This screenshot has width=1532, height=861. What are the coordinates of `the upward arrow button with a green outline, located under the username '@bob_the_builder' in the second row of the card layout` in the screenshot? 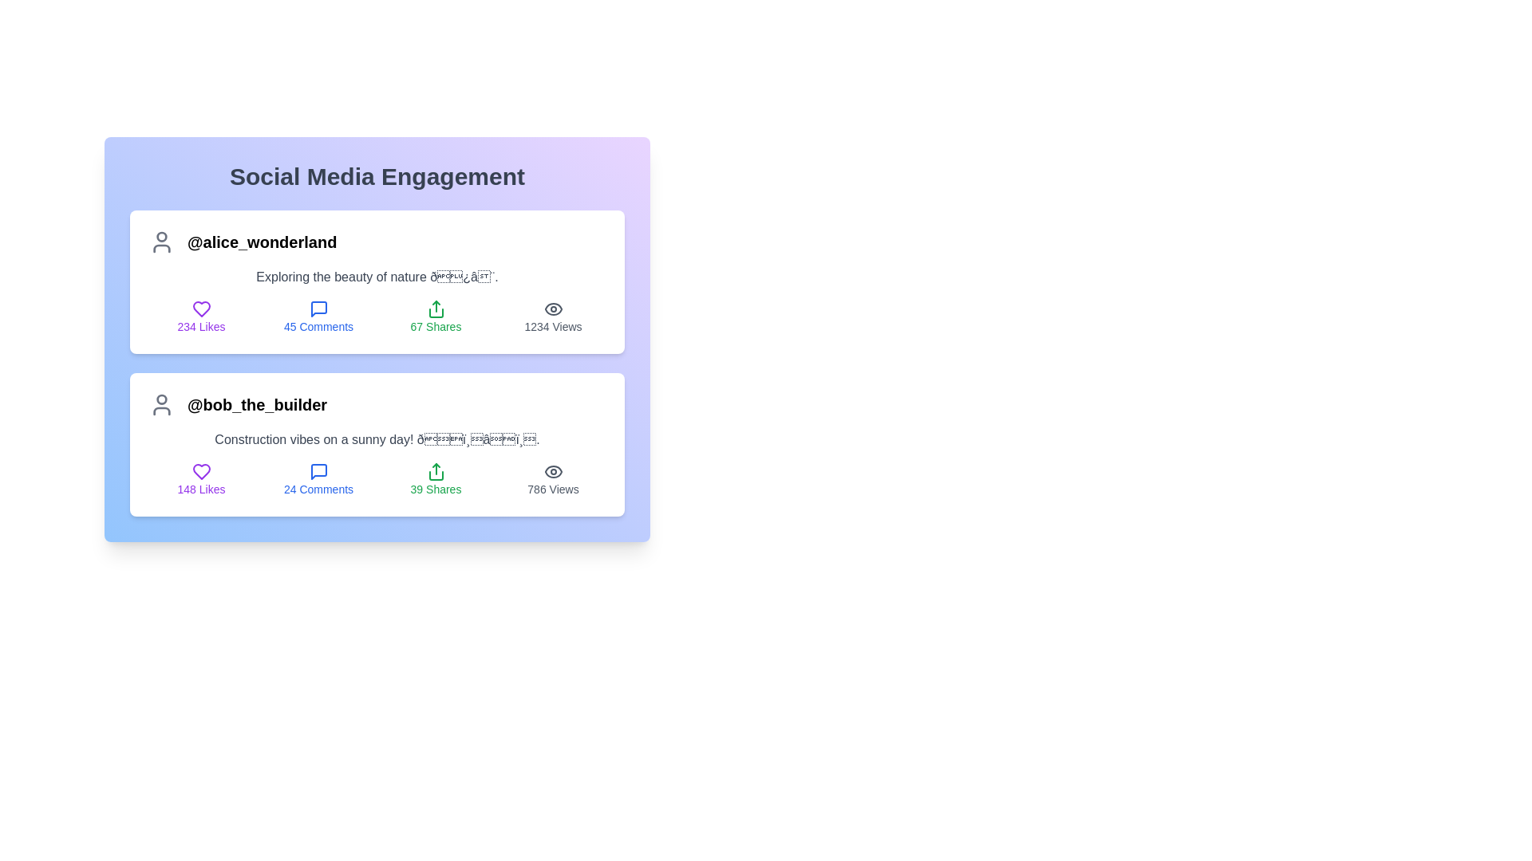 It's located at (436, 470).